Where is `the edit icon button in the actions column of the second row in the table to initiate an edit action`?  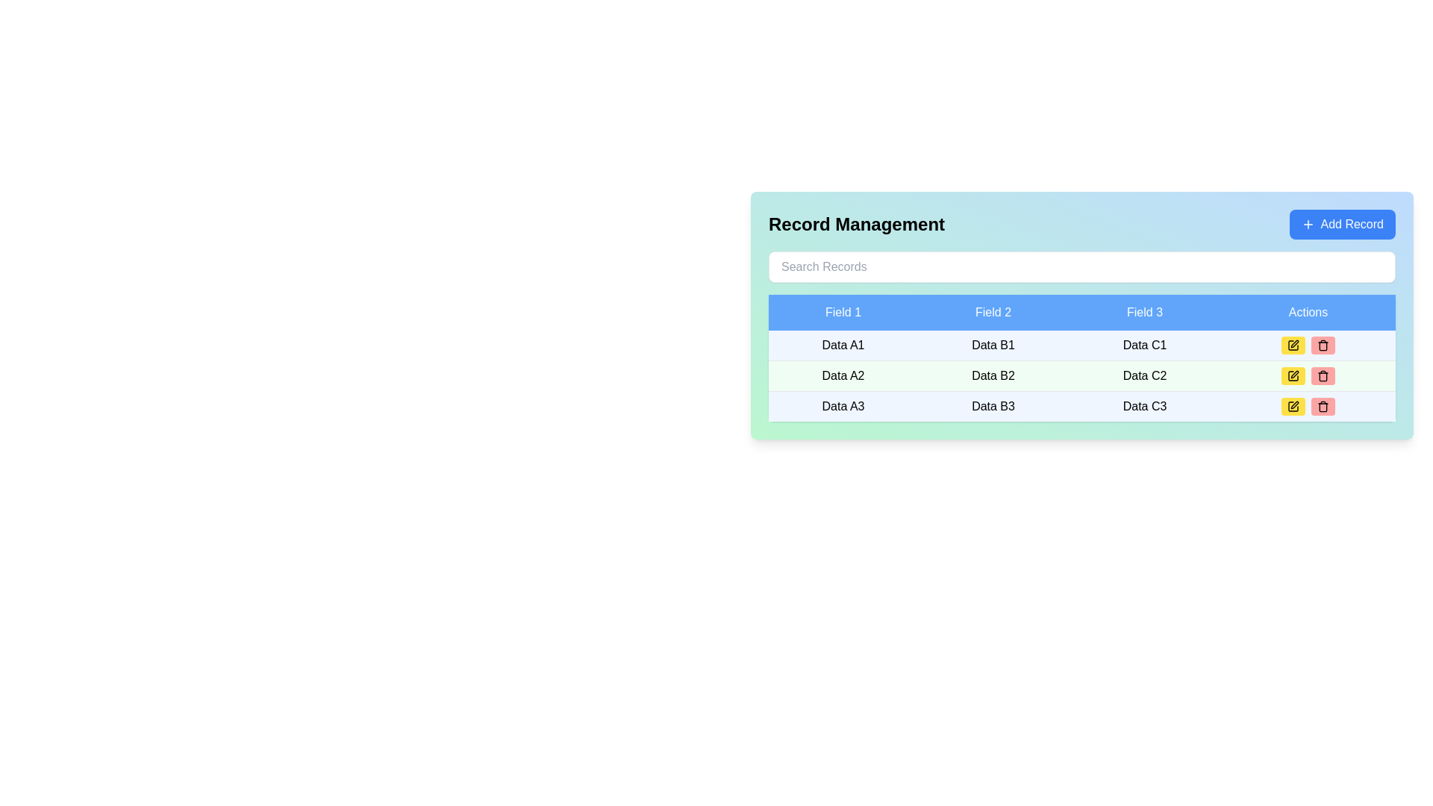
the edit icon button in the actions column of the second row in the table to initiate an edit action is located at coordinates (1292, 375).